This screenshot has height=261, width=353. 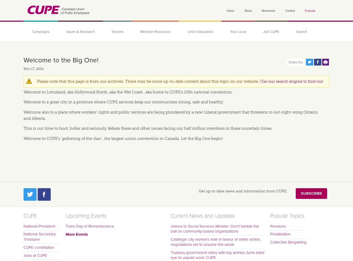 I want to click on 'Popular Topics', so click(x=287, y=215).